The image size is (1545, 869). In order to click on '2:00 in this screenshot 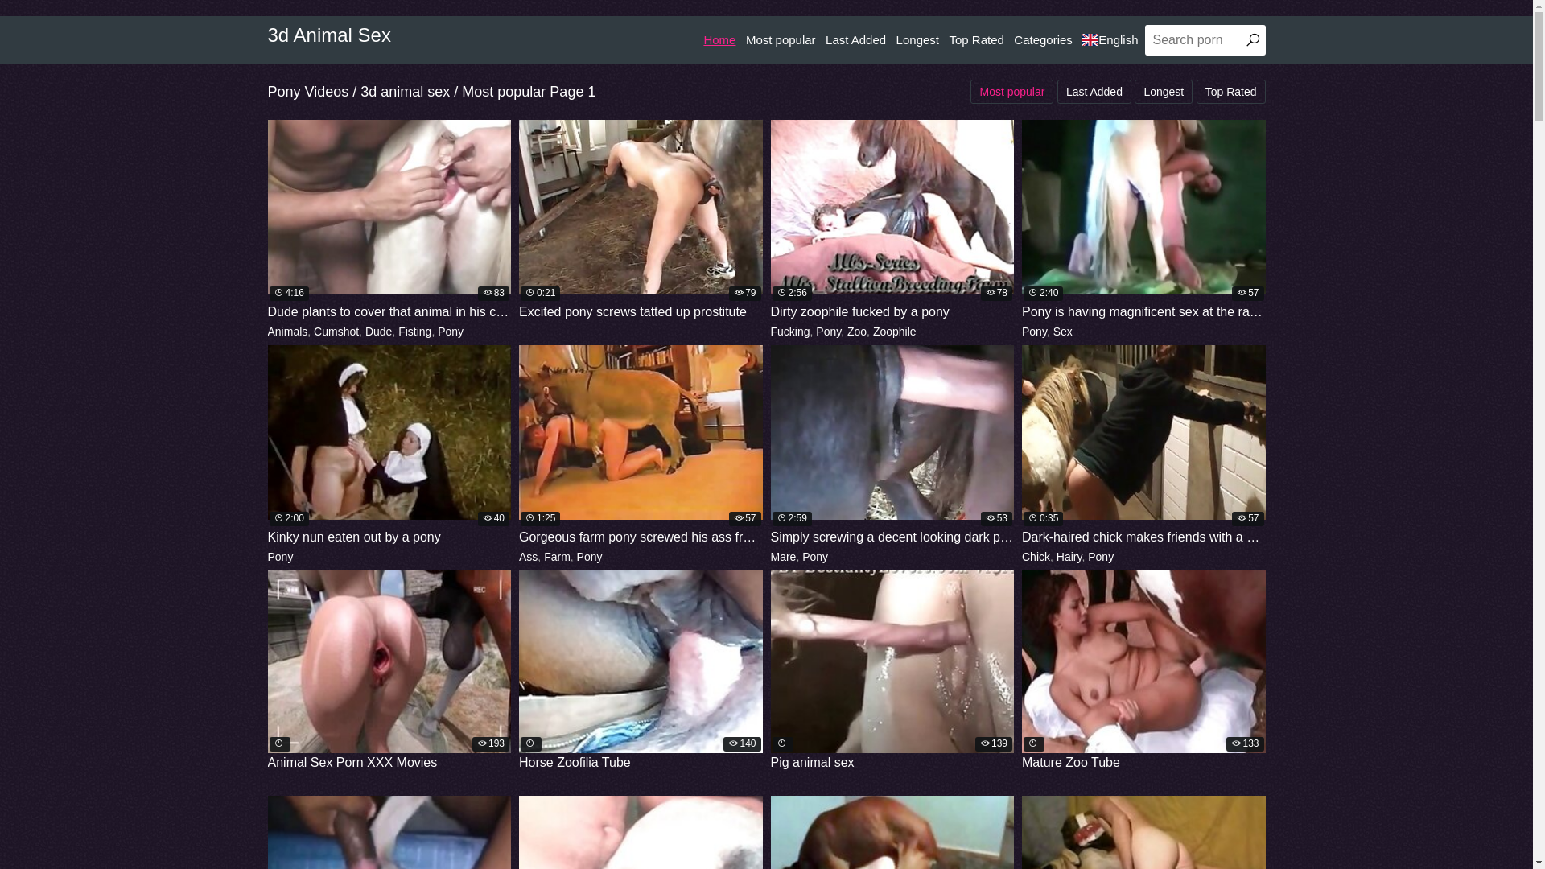, I will do `click(389, 446)`.